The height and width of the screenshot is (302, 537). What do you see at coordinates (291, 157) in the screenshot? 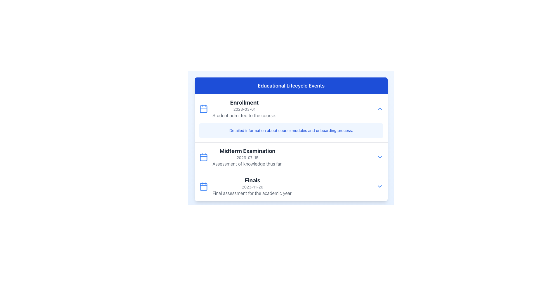
I see `the Information Section of the Educational Lifecycle Events list` at bounding box center [291, 157].